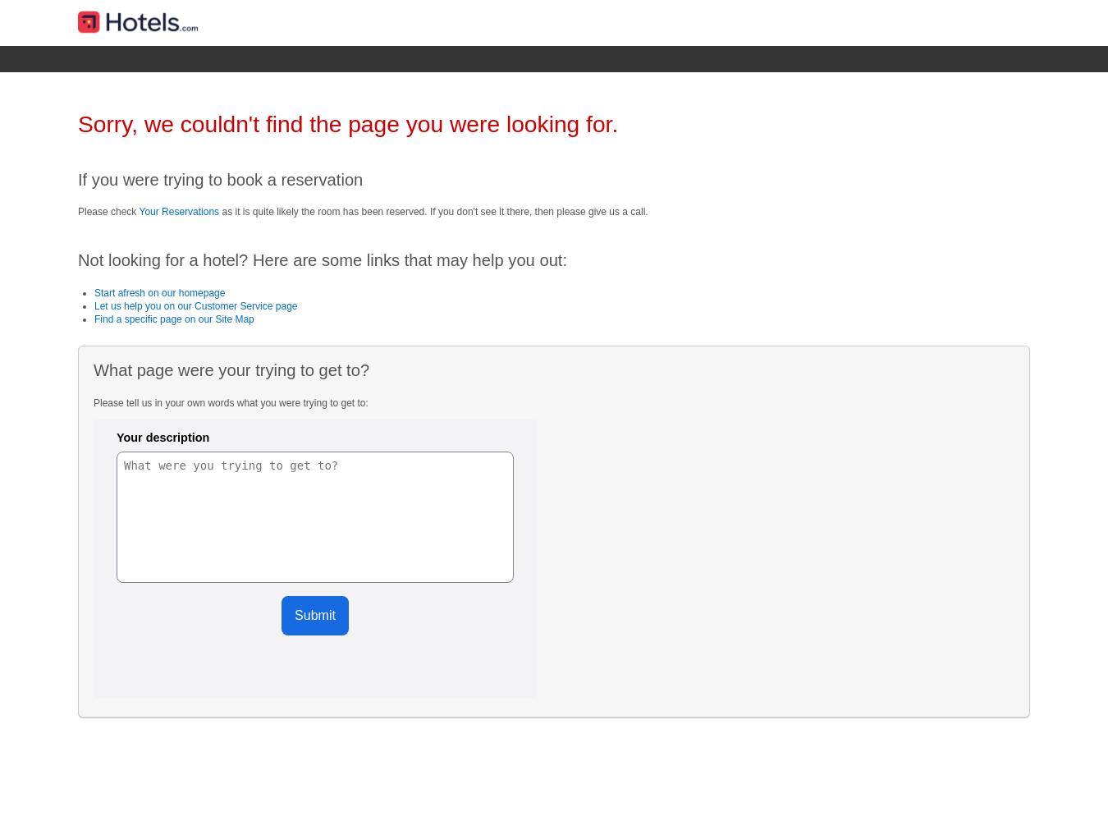 The width and height of the screenshot is (1108, 821). What do you see at coordinates (108, 211) in the screenshot?
I see `'Please check'` at bounding box center [108, 211].